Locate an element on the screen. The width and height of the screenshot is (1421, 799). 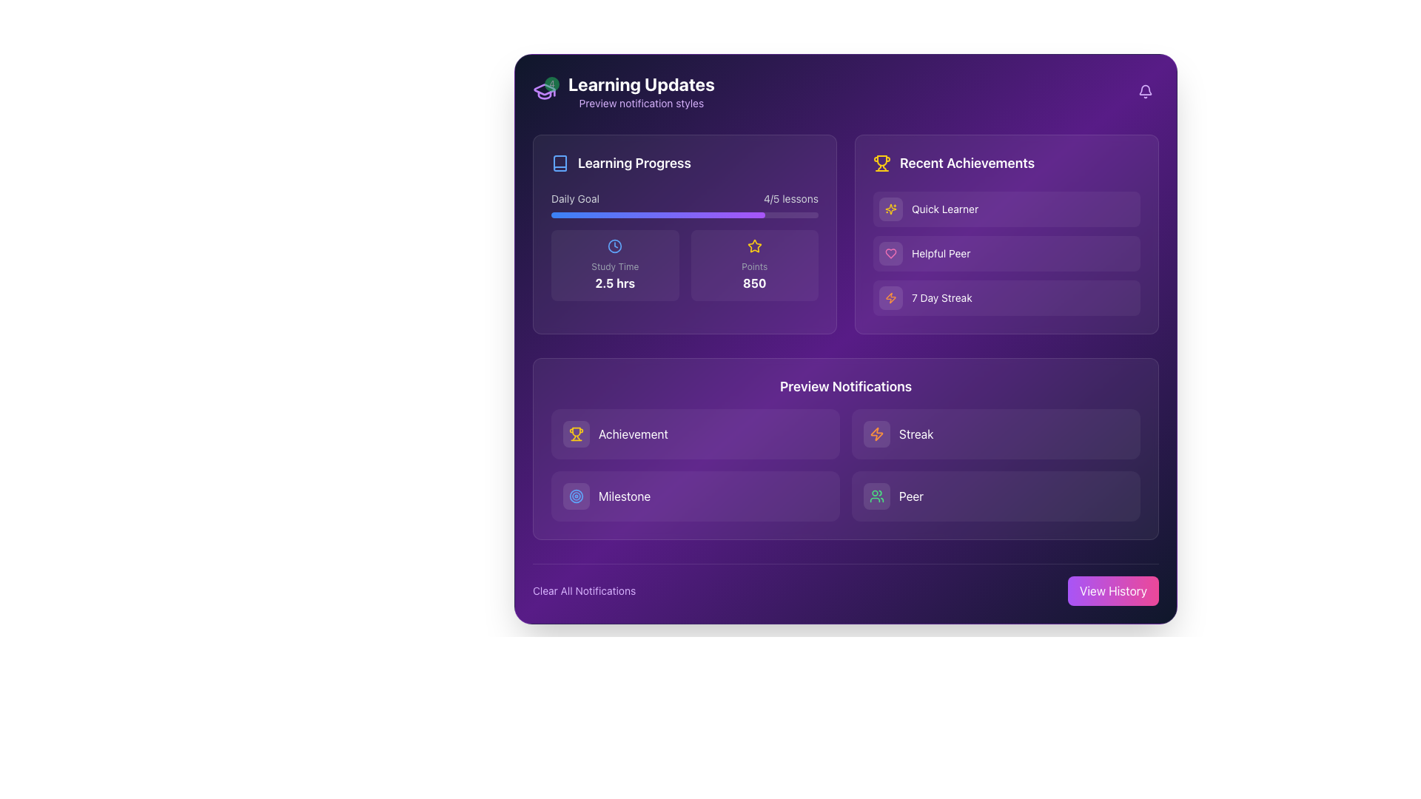
the descriptive Text Label located in the left-hand side of the notification block, which serves as an identifier for the associated notification category is located at coordinates (625, 496).